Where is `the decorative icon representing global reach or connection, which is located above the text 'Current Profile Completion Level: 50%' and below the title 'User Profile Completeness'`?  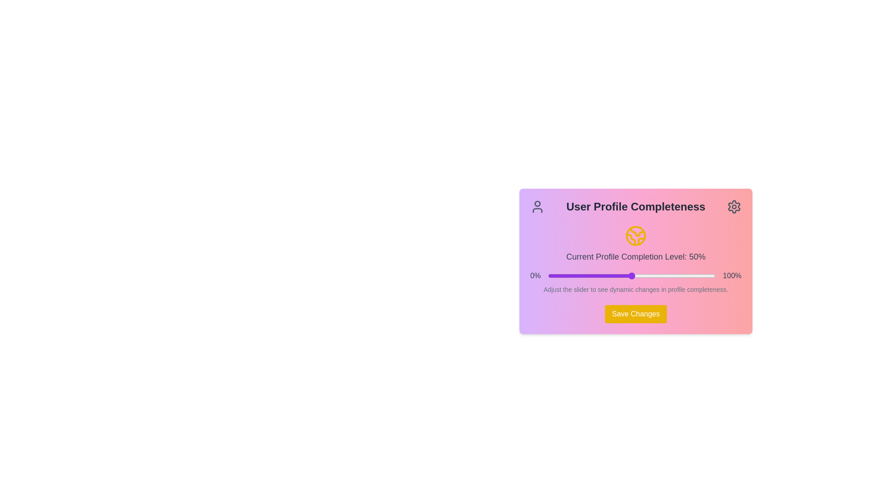 the decorative icon representing global reach or connection, which is located above the text 'Current Profile Completion Level: 50%' and below the title 'User Profile Completeness' is located at coordinates (635, 235).